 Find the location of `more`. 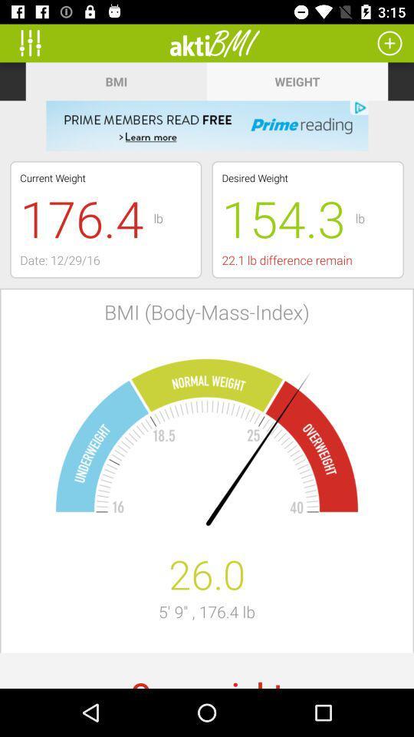

more is located at coordinates (389, 42).